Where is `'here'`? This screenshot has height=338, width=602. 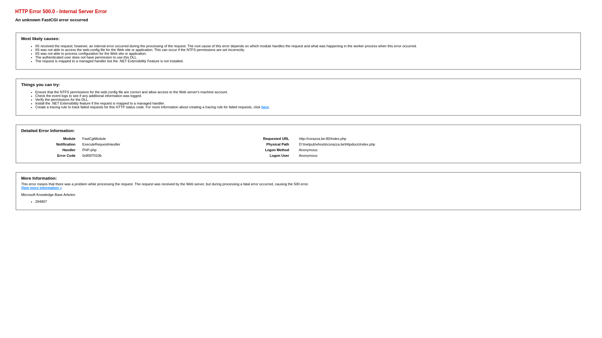 'here' is located at coordinates (265, 107).